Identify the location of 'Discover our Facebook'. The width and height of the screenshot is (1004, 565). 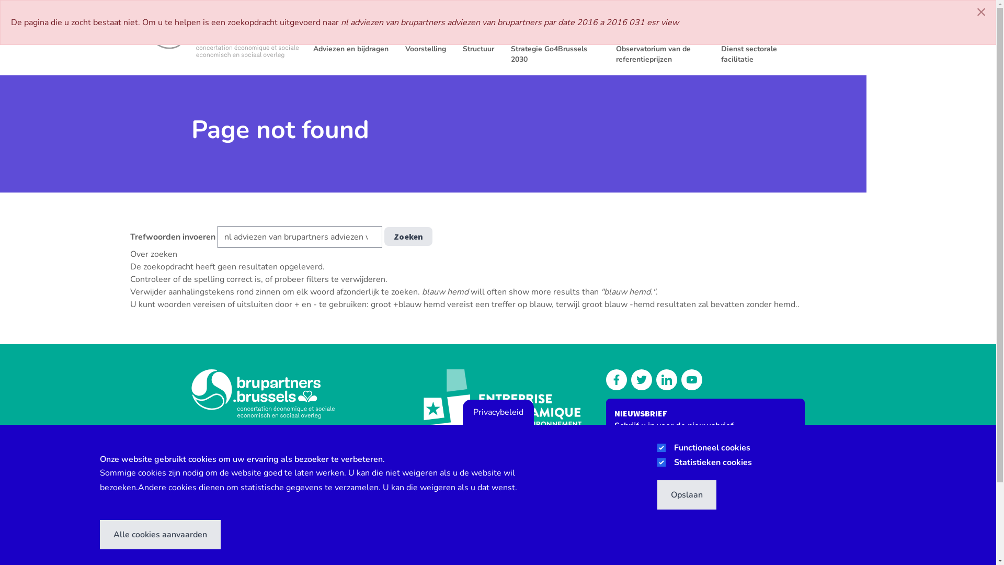
(617, 379).